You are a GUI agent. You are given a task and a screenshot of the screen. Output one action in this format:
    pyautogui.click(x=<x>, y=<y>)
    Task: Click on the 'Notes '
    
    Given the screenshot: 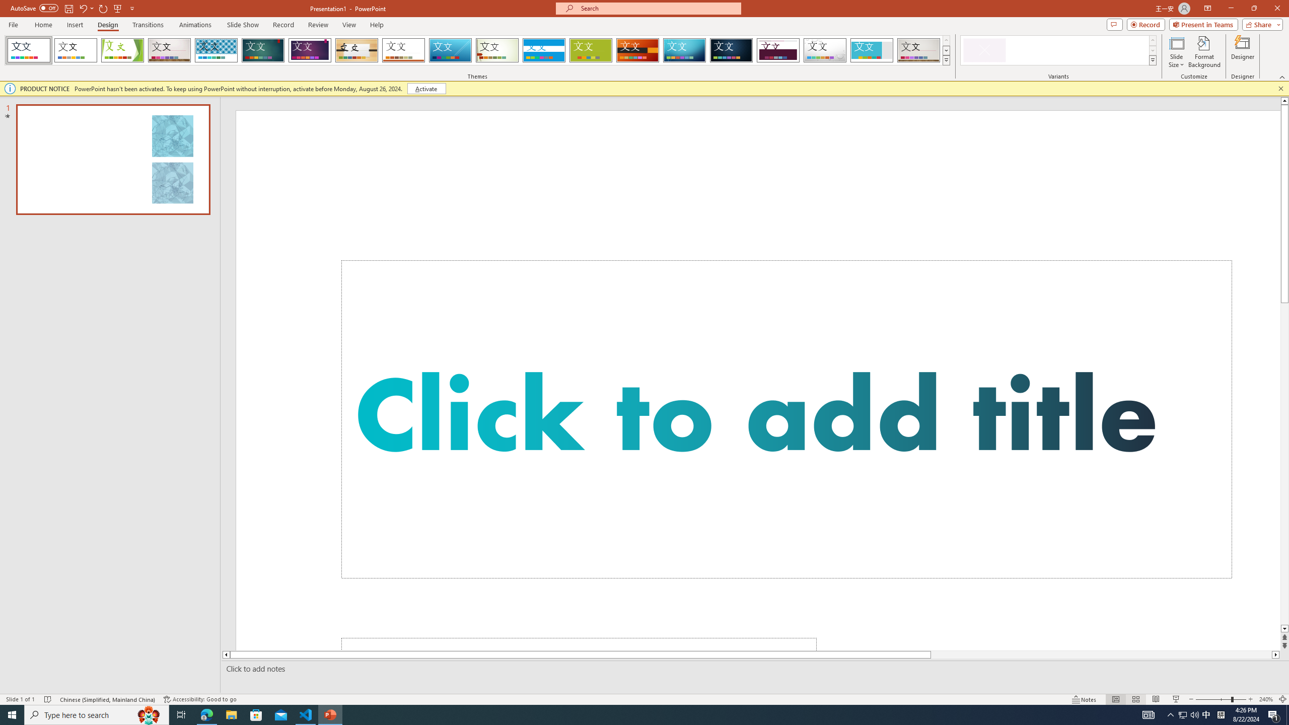 What is the action you would take?
    pyautogui.click(x=1084, y=699)
    